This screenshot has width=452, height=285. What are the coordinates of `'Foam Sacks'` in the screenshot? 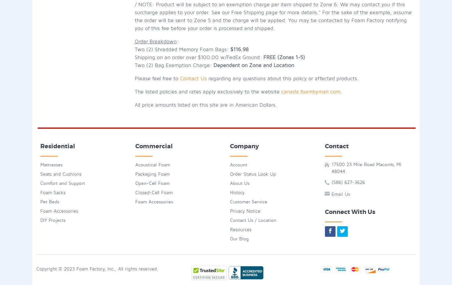 It's located at (40, 192).